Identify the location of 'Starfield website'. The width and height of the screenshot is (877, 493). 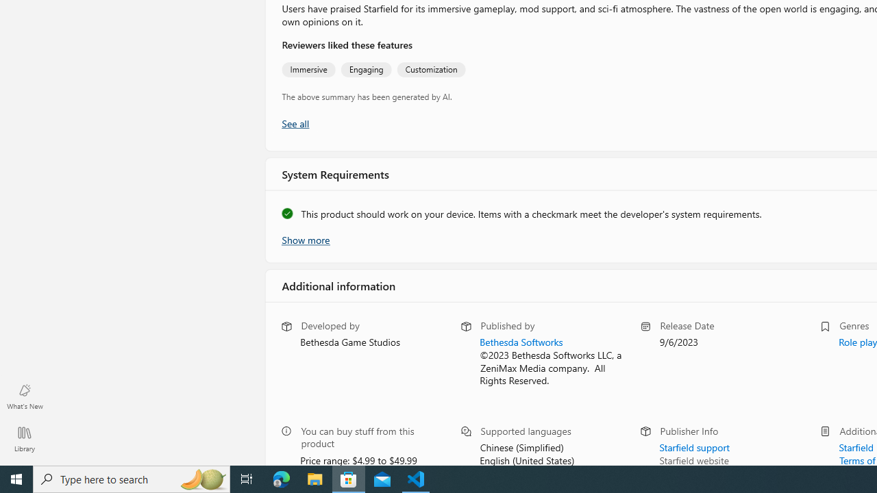
(693, 459).